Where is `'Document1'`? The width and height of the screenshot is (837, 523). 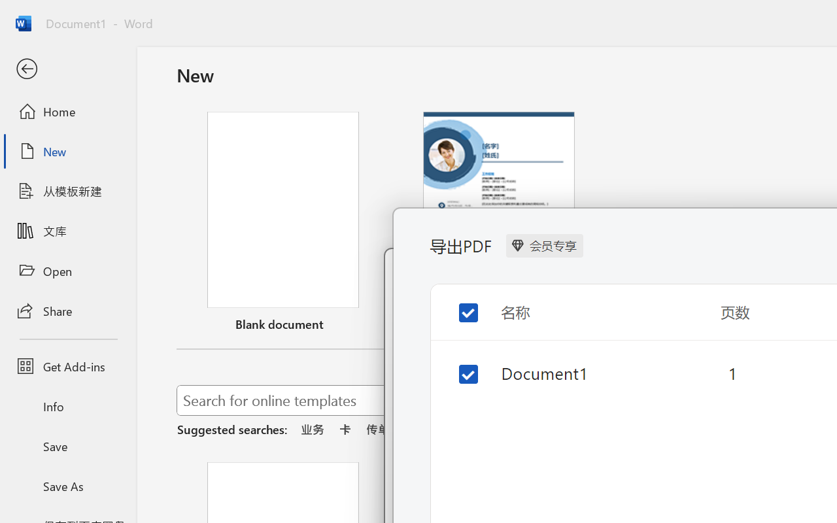 'Document1' is located at coordinates (575, 372).